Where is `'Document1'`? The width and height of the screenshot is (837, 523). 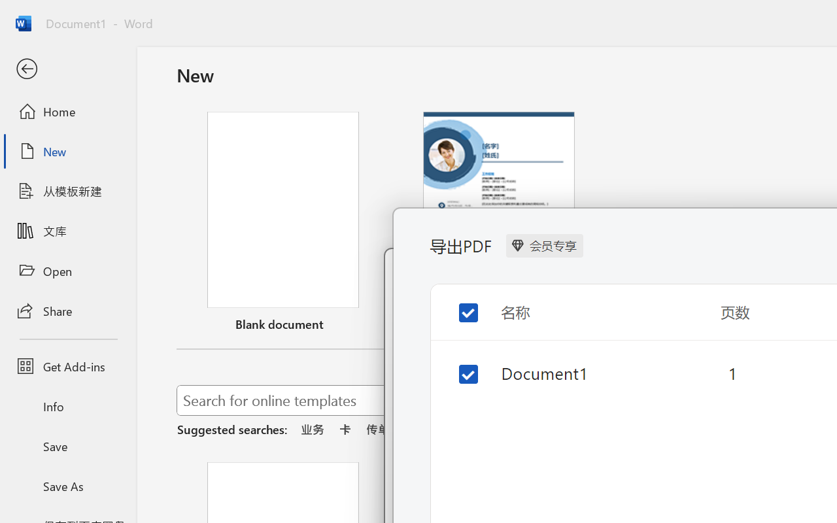 'Document1' is located at coordinates (575, 372).